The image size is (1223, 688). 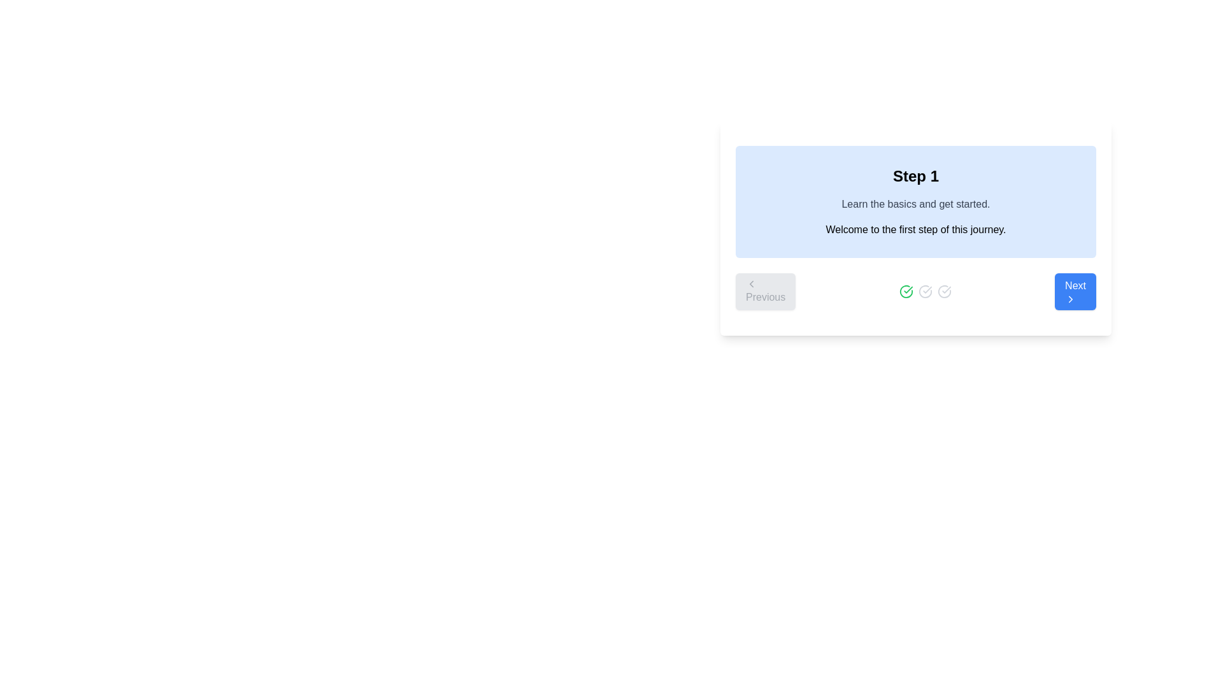 I want to click on the green checkmark icon inside a circular border, which is the middle icon among three horizontally aligned icons at the center-bottom area of the visible card, so click(x=905, y=292).